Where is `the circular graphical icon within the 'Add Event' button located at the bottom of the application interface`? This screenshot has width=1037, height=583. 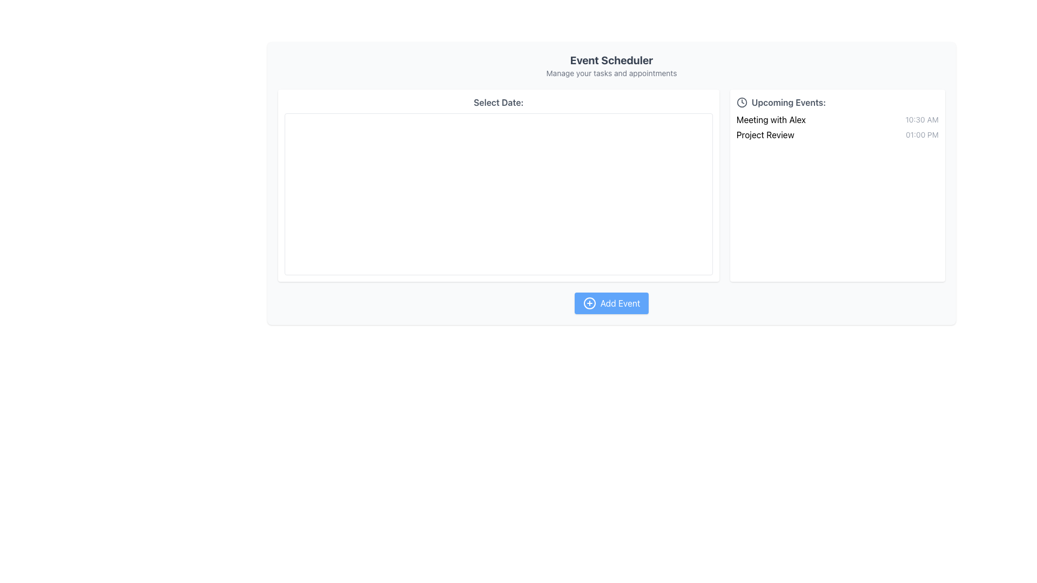
the circular graphical icon within the 'Add Event' button located at the bottom of the application interface is located at coordinates (589, 303).